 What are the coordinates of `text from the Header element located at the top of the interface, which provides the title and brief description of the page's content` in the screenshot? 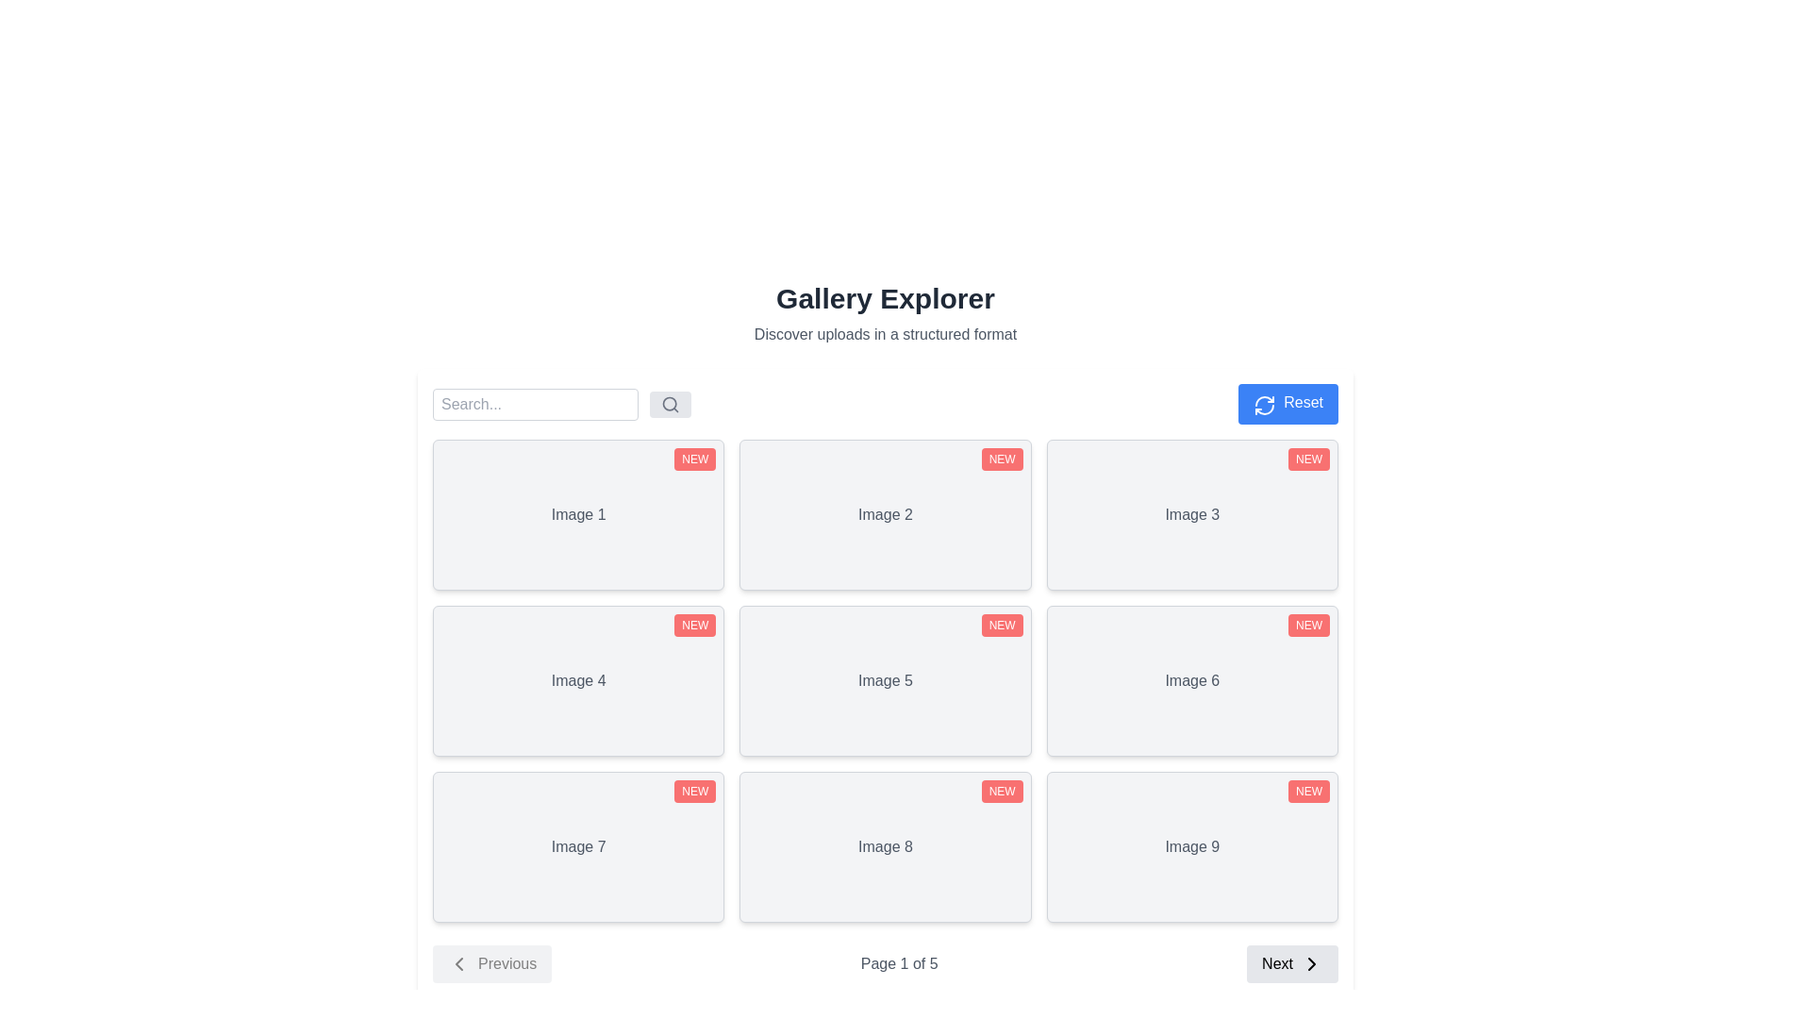 It's located at (885, 312).